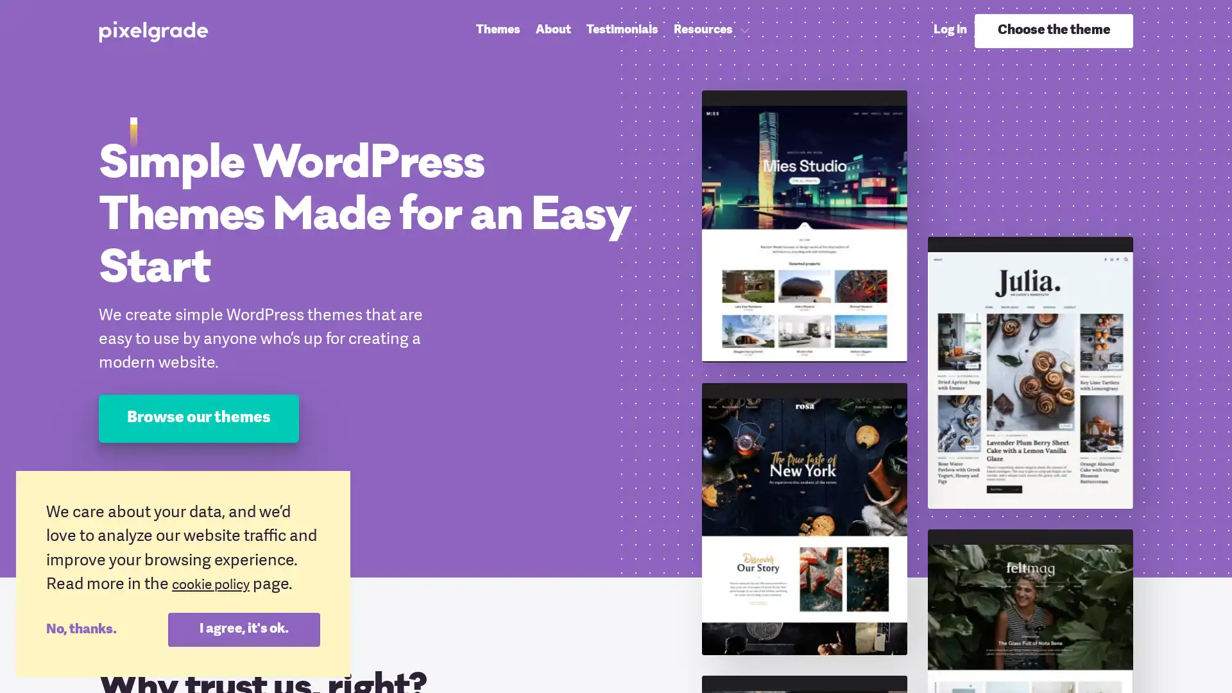 The image size is (1232, 693). What do you see at coordinates (243, 628) in the screenshot?
I see `I agree, it's ok.` at bounding box center [243, 628].